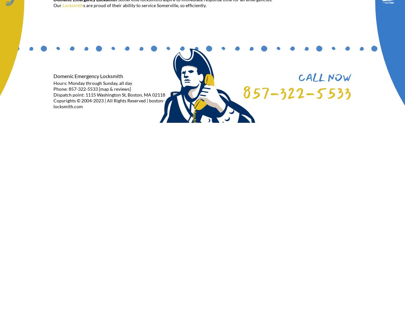  I want to click on '857-322-5533', so click(297, 93).